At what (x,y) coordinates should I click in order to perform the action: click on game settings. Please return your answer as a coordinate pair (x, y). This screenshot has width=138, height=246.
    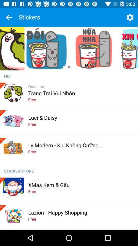
    Looking at the image, I should click on (130, 17).